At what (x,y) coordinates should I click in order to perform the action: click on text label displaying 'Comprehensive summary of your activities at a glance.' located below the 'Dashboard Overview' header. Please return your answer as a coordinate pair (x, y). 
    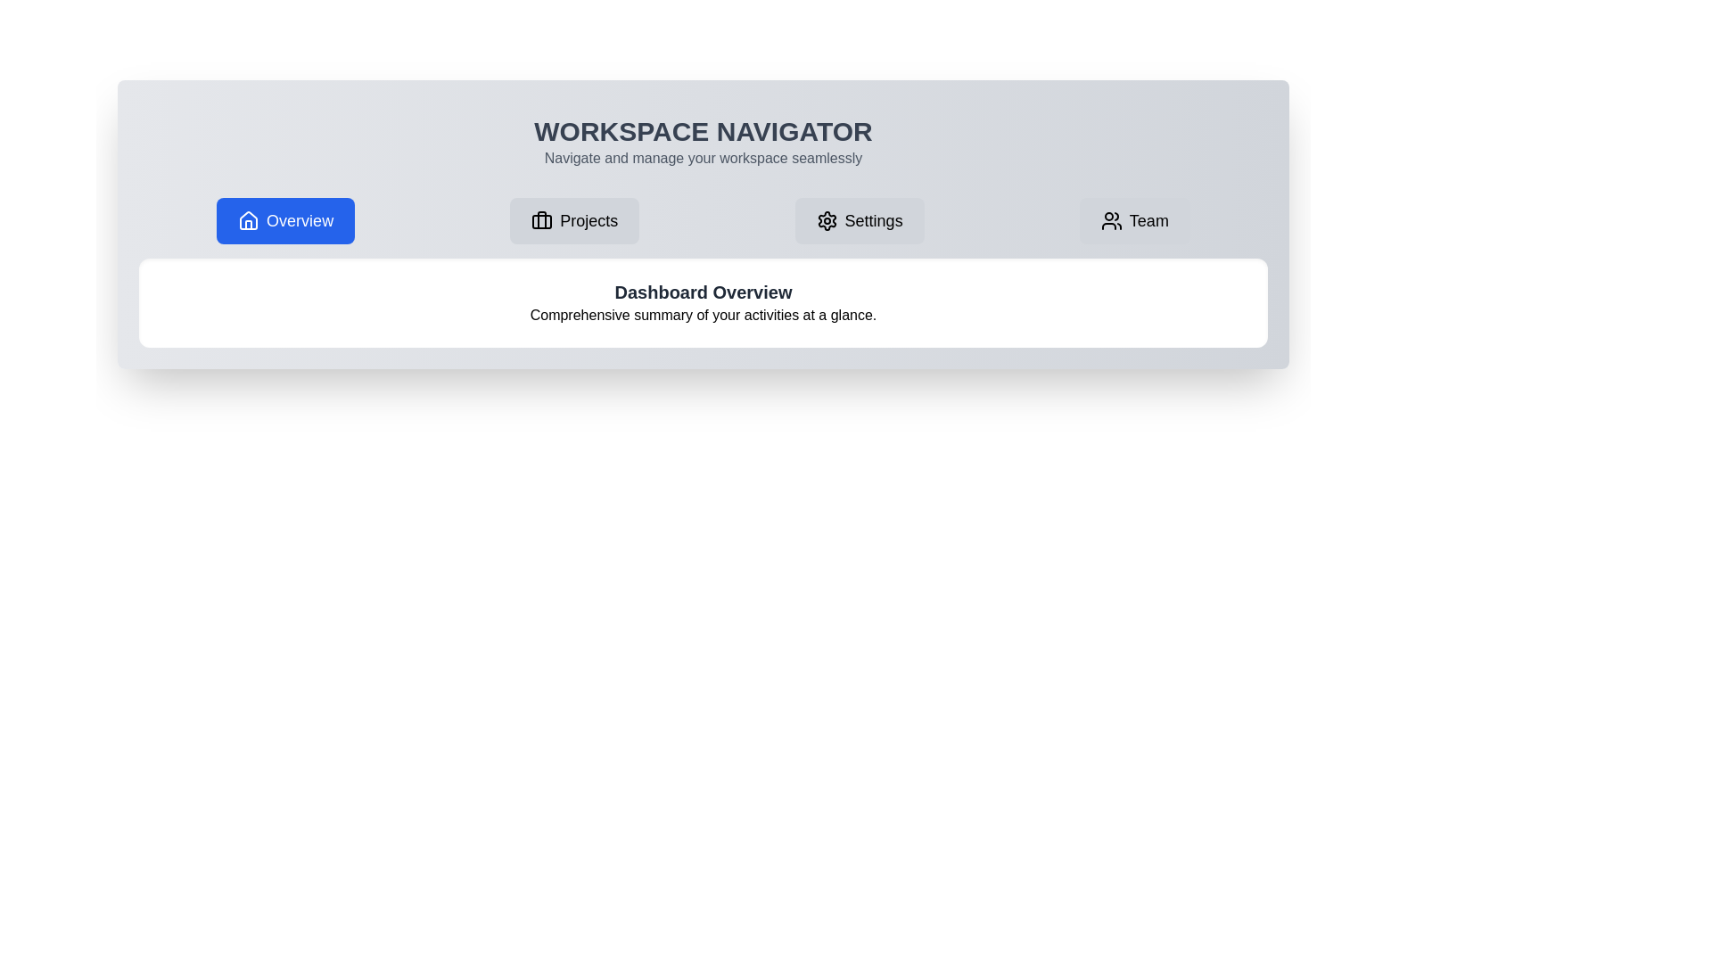
    Looking at the image, I should click on (702, 315).